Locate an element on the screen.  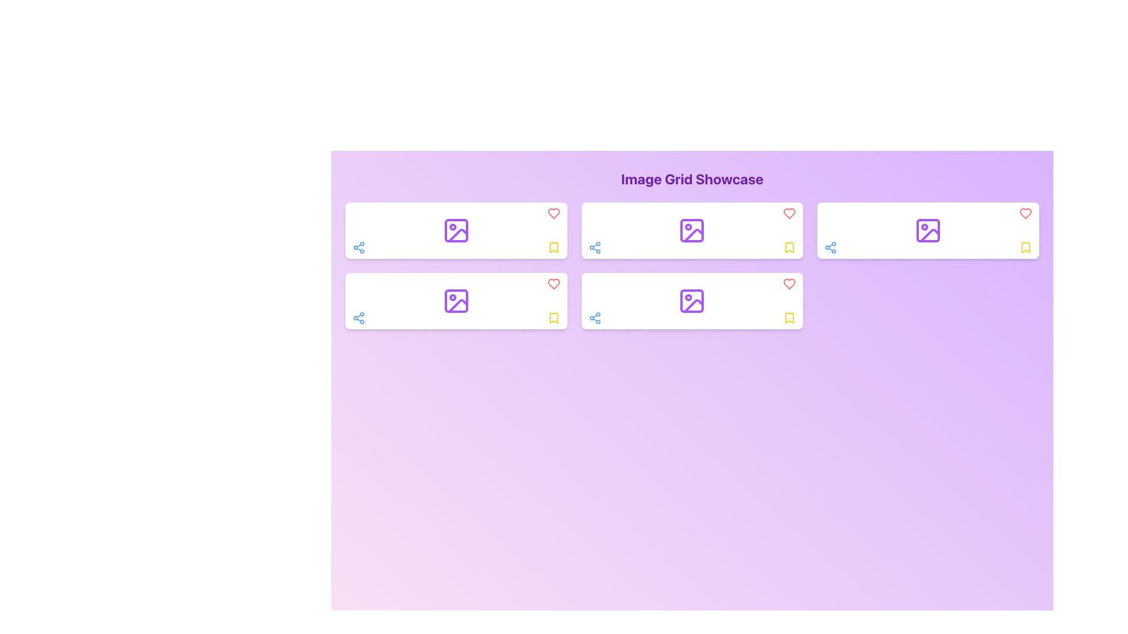
the title labeled 'Image Grid Showcase', which is displayed prominently in bold, large purple font at the top-center of the page is located at coordinates (692, 178).